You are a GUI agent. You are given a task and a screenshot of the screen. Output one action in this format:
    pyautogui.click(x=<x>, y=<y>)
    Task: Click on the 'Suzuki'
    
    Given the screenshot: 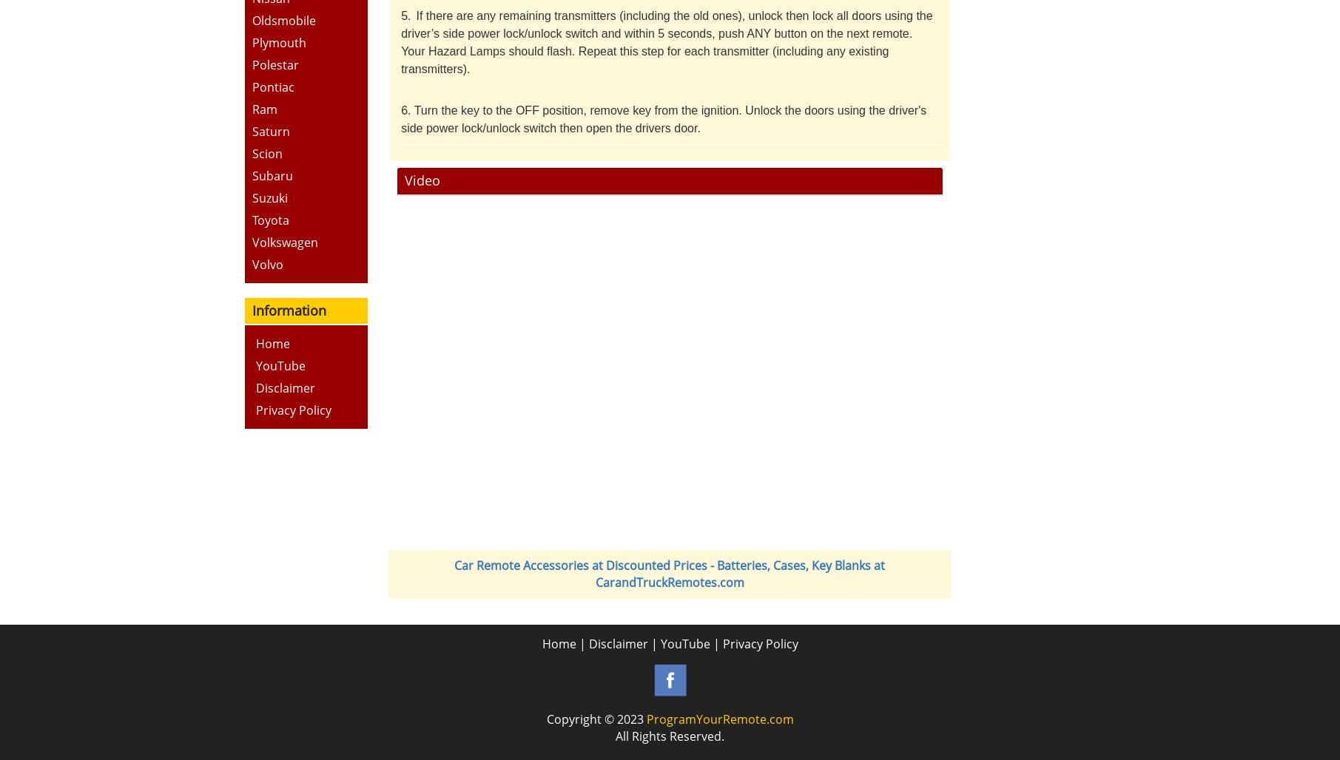 What is the action you would take?
    pyautogui.click(x=269, y=197)
    